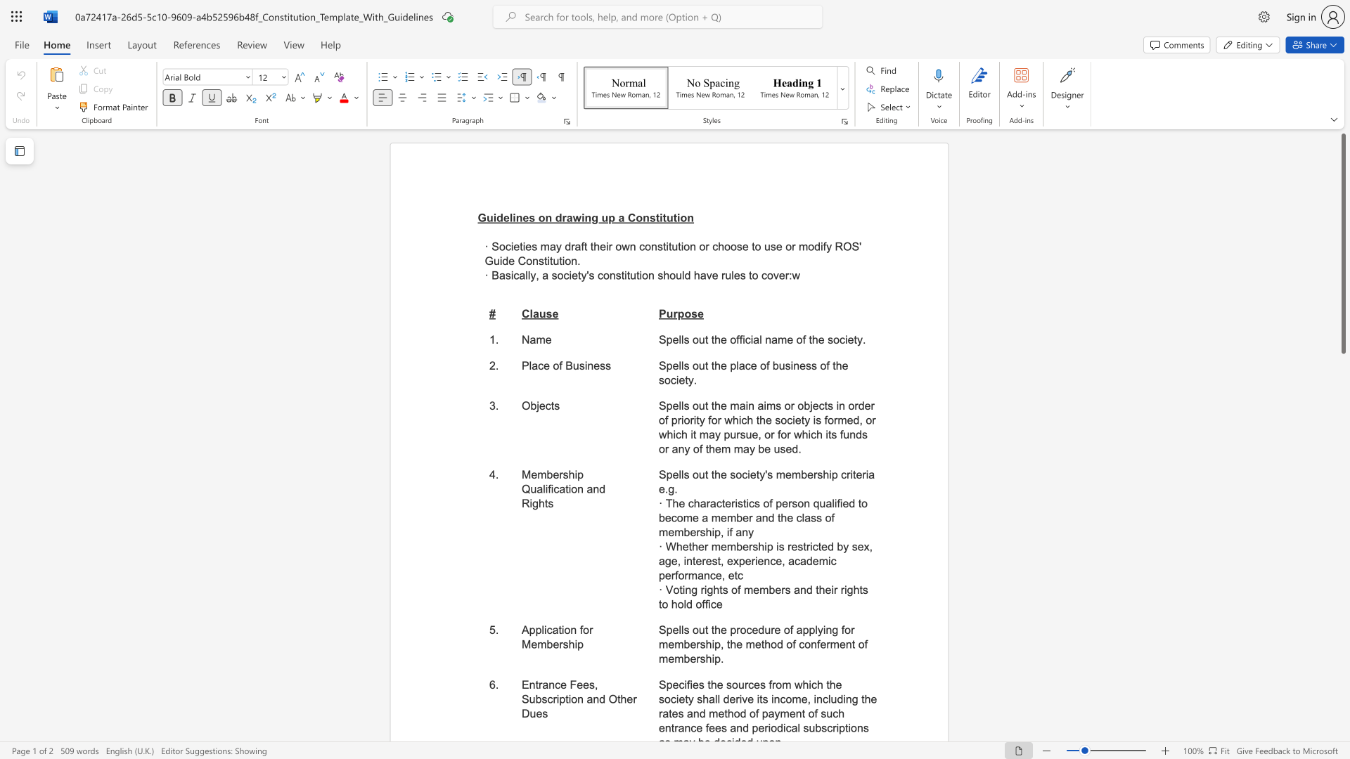  I want to click on the vertical scrollbar to lower the page content, so click(1342, 653).